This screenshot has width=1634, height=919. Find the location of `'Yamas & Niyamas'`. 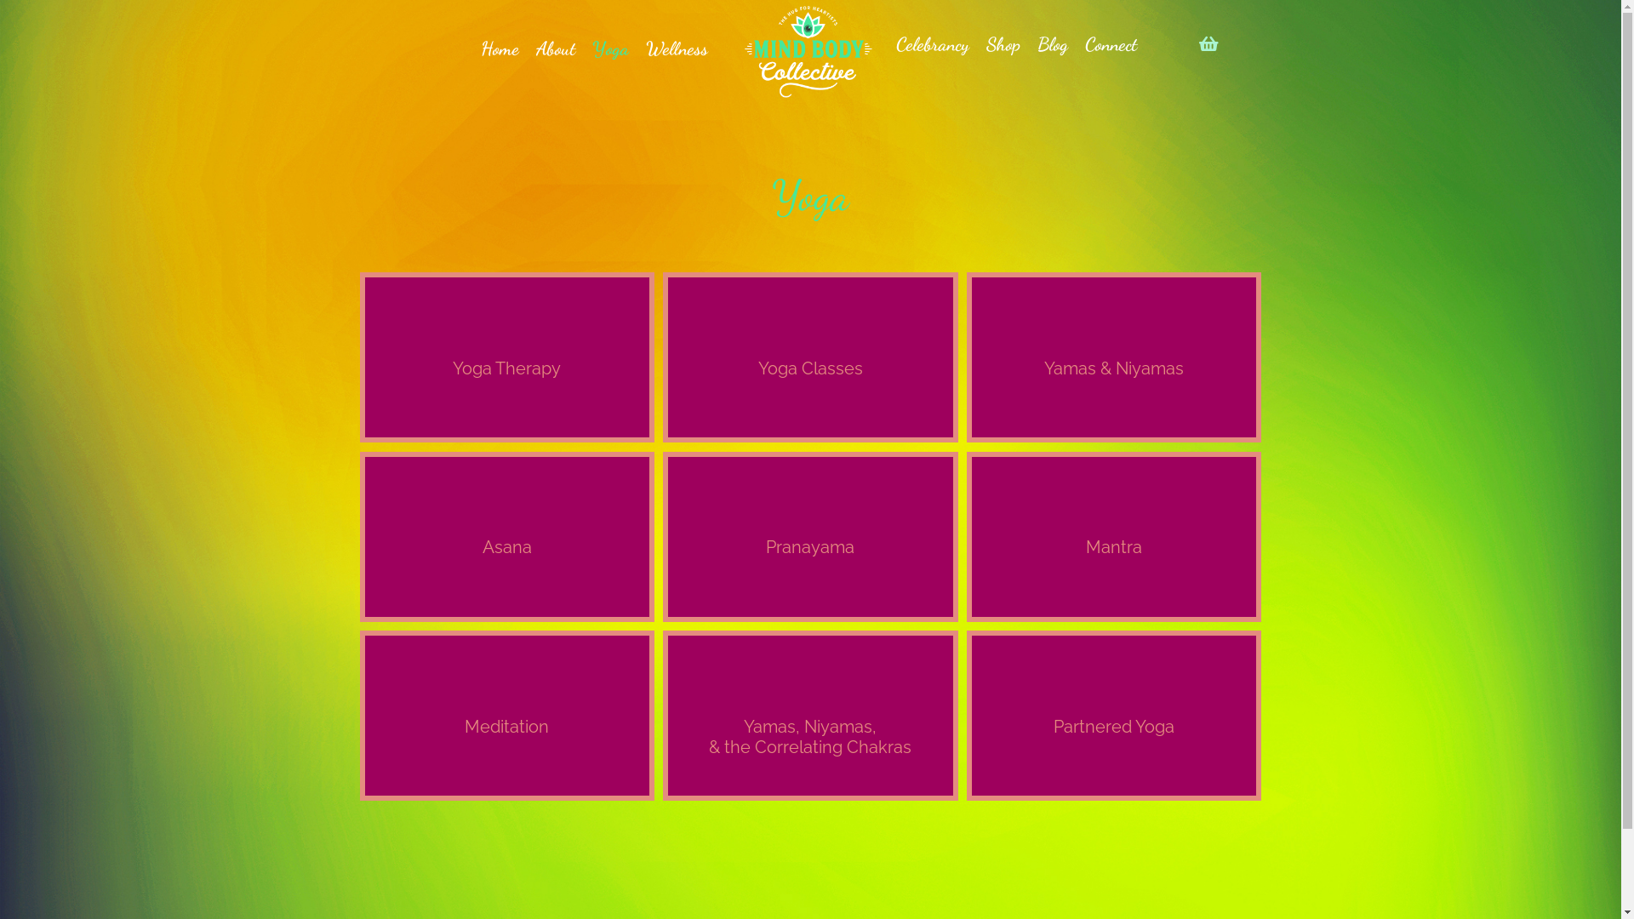

'Yamas & Niyamas' is located at coordinates (1114, 357).